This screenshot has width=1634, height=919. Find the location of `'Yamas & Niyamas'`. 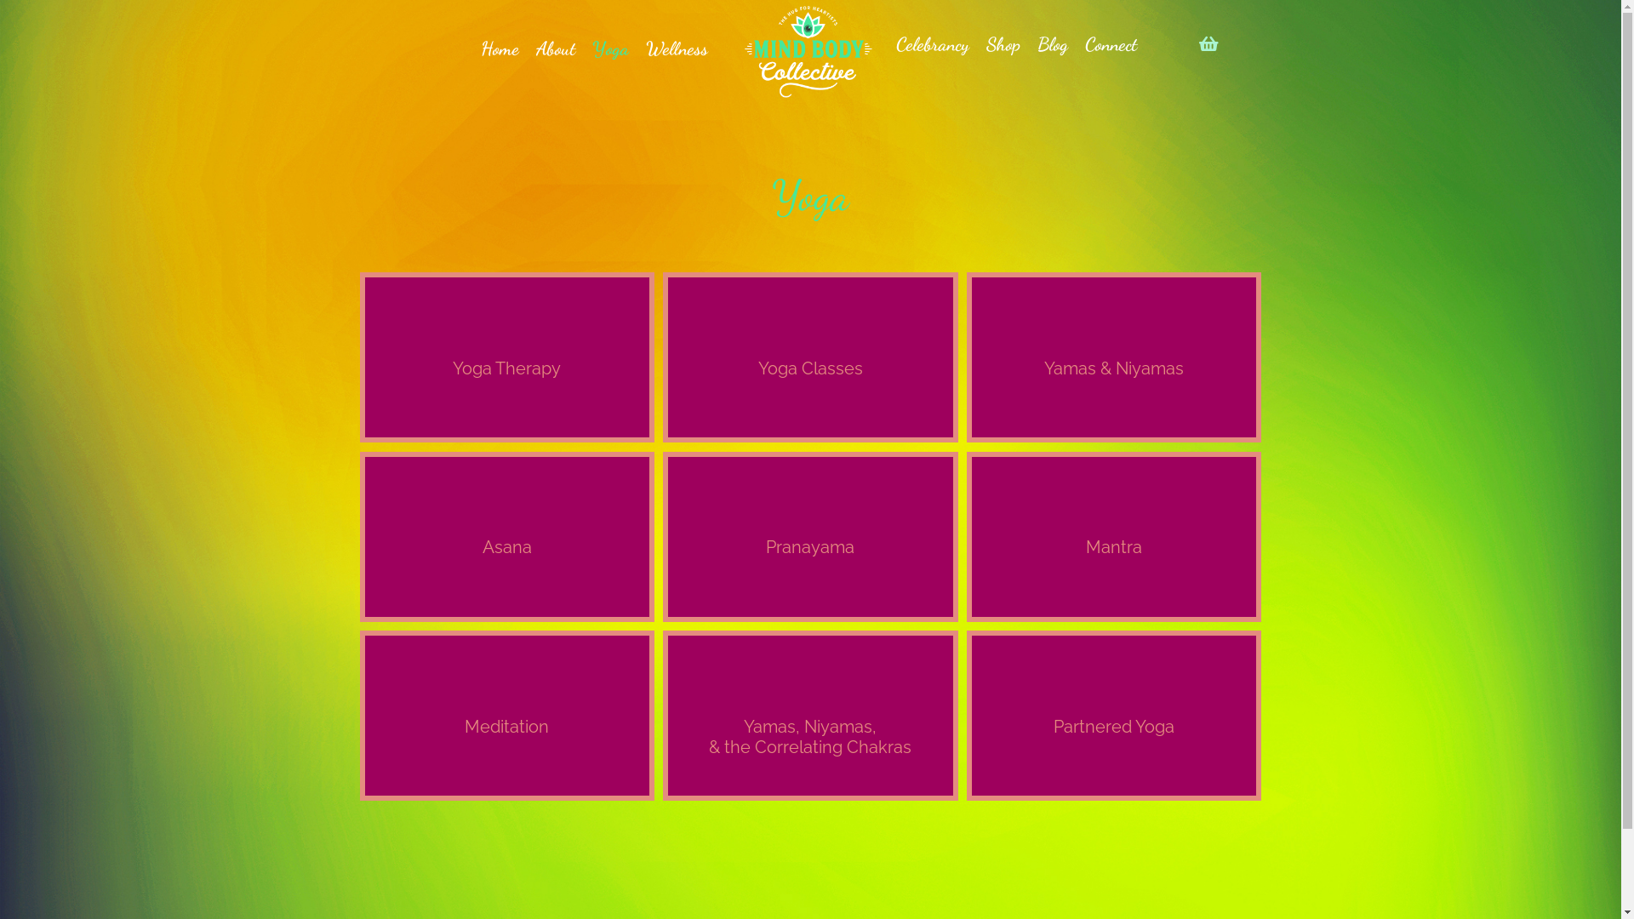

'Yamas & Niyamas' is located at coordinates (1114, 357).